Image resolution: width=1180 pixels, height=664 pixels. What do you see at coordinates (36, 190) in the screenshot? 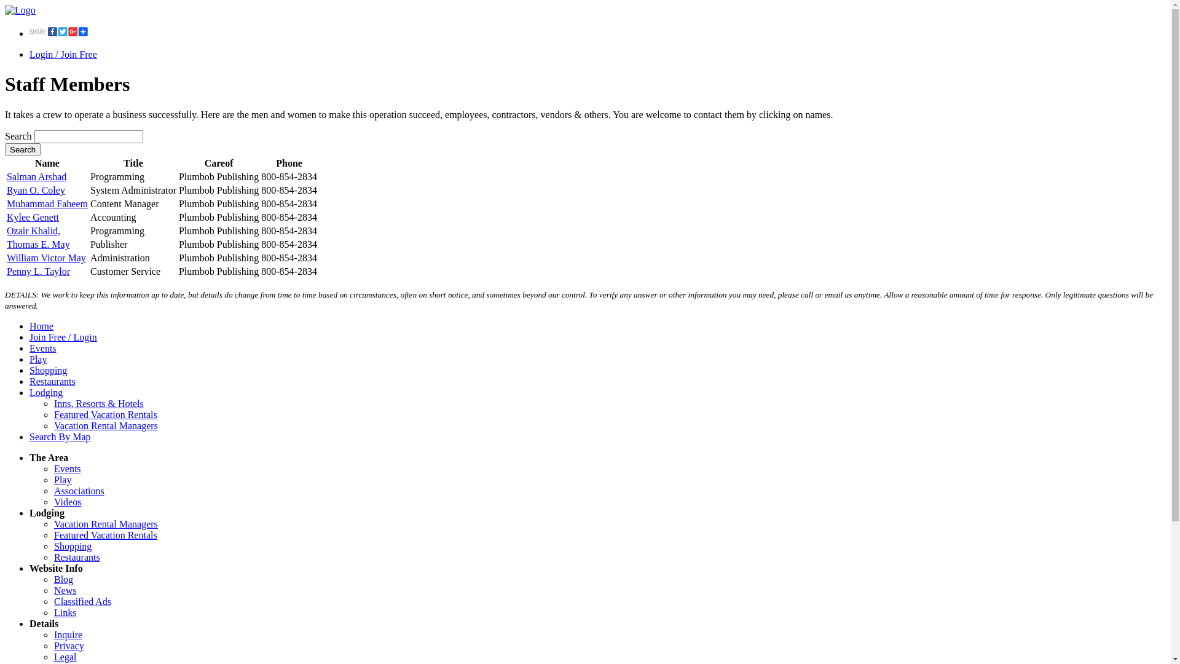
I see `'Ryan O. Coley'` at bounding box center [36, 190].